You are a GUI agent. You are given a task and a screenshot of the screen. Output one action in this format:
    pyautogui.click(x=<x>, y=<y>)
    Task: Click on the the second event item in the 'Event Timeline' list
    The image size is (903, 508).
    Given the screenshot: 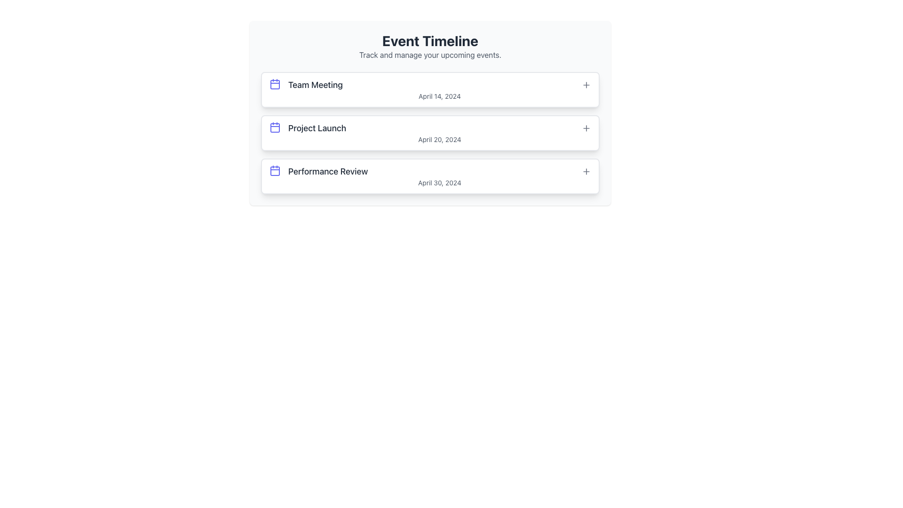 What is the action you would take?
    pyautogui.click(x=430, y=133)
    